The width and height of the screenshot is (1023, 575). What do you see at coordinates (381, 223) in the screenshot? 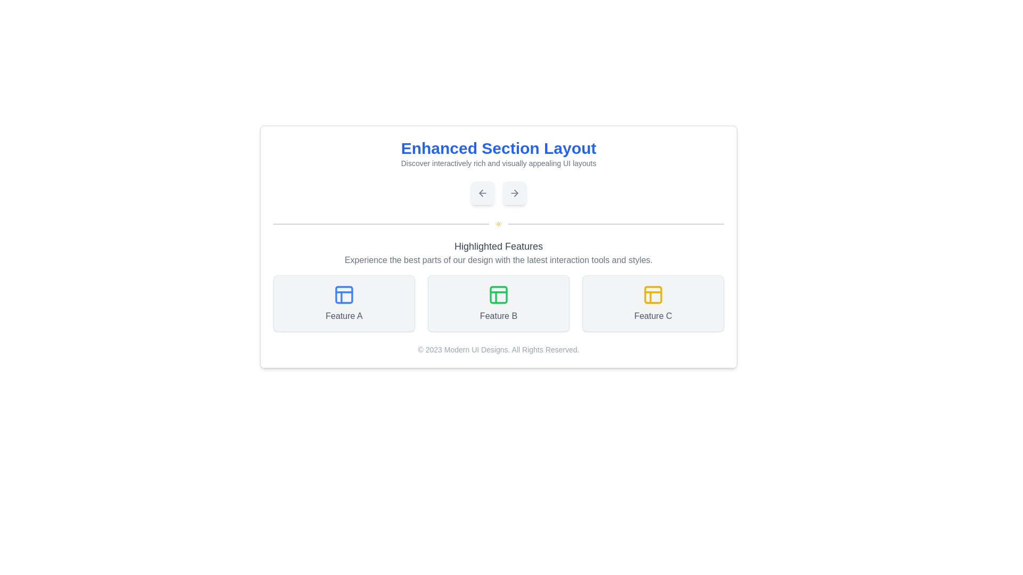
I see `the leftmost horizontal Divider Line located just beneath the title 'Enhanced Section Layout' adjacent to the sun icon` at bounding box center [381, 223].